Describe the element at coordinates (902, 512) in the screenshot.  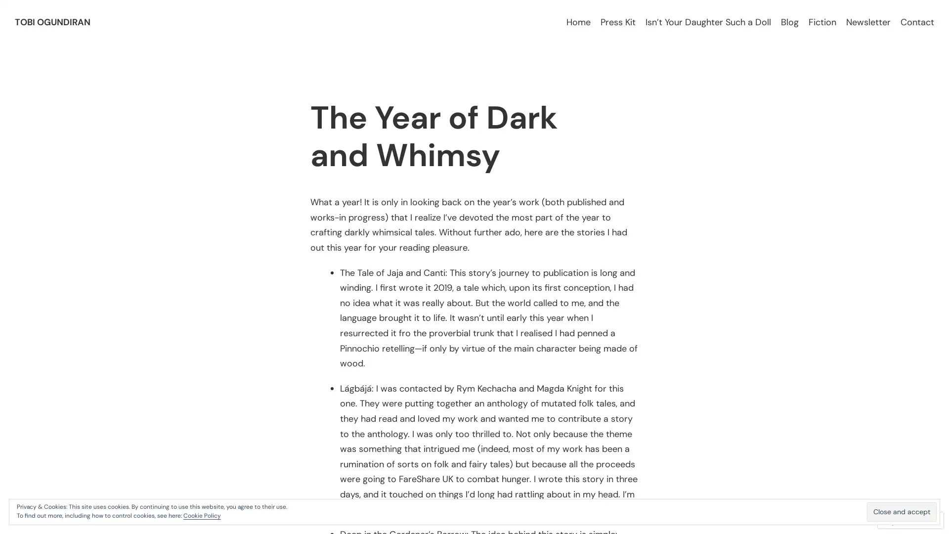
I see `Close and accept` at that location.